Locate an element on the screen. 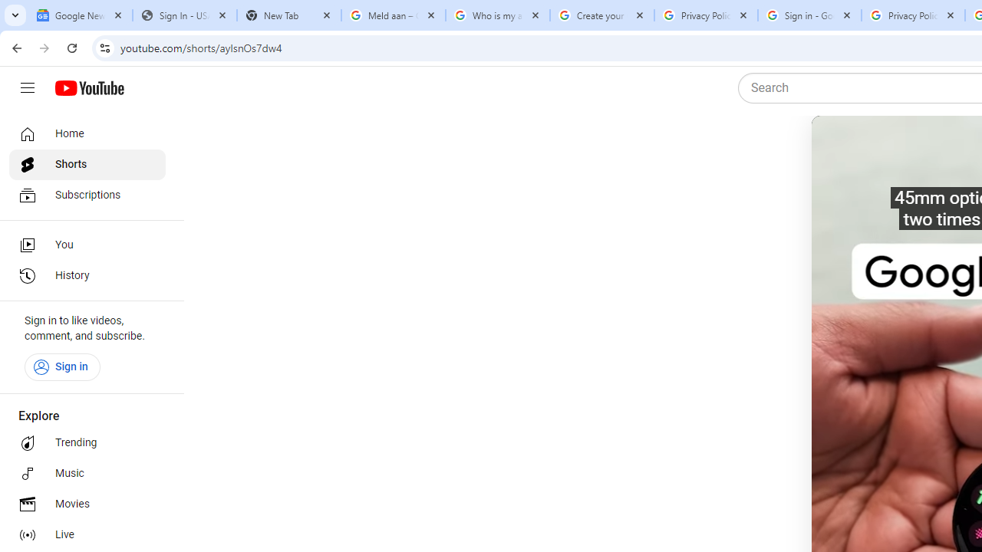  'History' is located at coordinates (86, 276).